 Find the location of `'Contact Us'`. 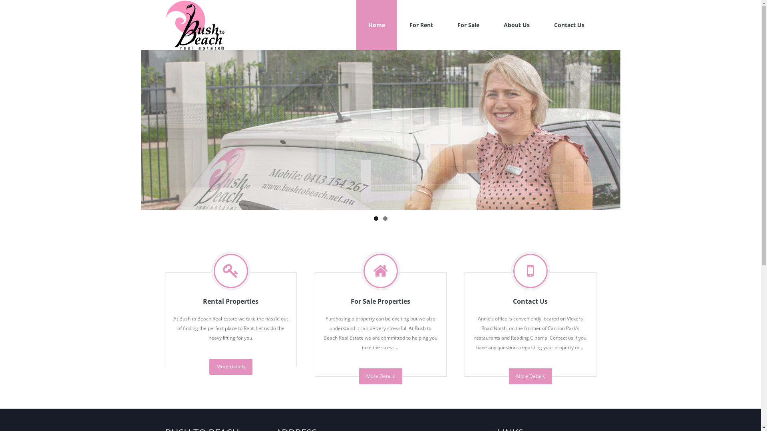

'Contact Us' is located at coordinates (568, 24).